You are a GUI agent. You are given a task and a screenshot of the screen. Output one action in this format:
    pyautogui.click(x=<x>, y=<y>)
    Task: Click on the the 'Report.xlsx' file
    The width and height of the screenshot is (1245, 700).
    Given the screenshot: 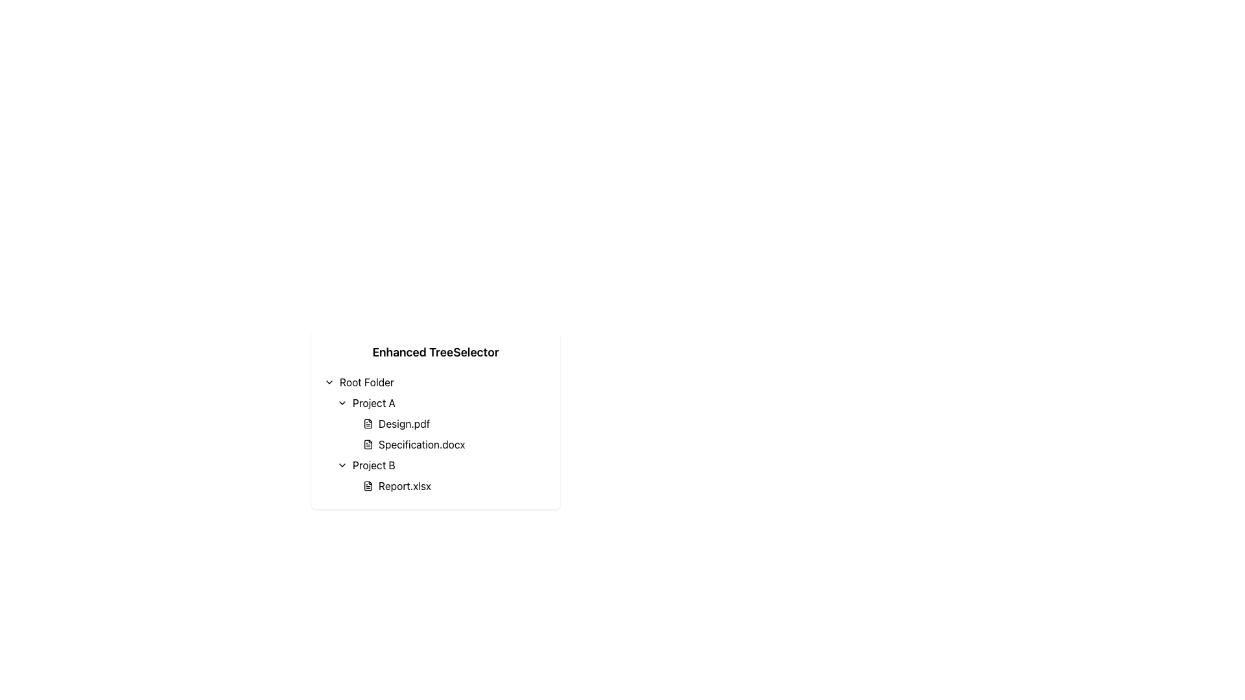 What is the action you would take?
    pyautogui.click(x=442, y=475)
    